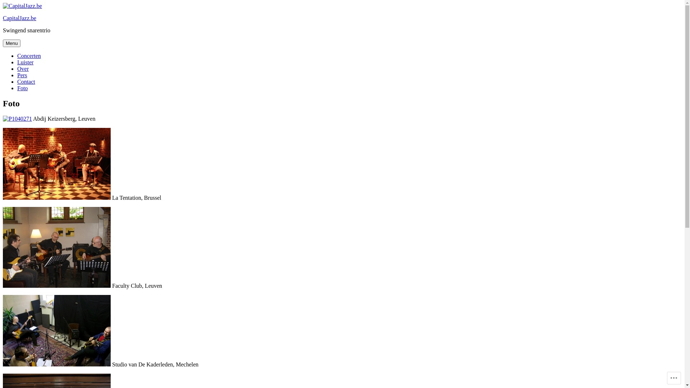  I want to click on 'Contact', so click(26, 81).